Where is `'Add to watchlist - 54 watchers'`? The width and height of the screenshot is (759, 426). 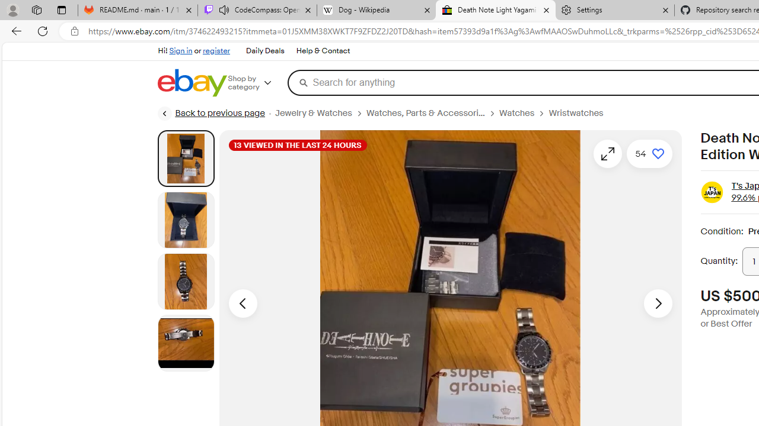 'Add to watchlist - 54 watchers' is located at coordinates (649, 153).